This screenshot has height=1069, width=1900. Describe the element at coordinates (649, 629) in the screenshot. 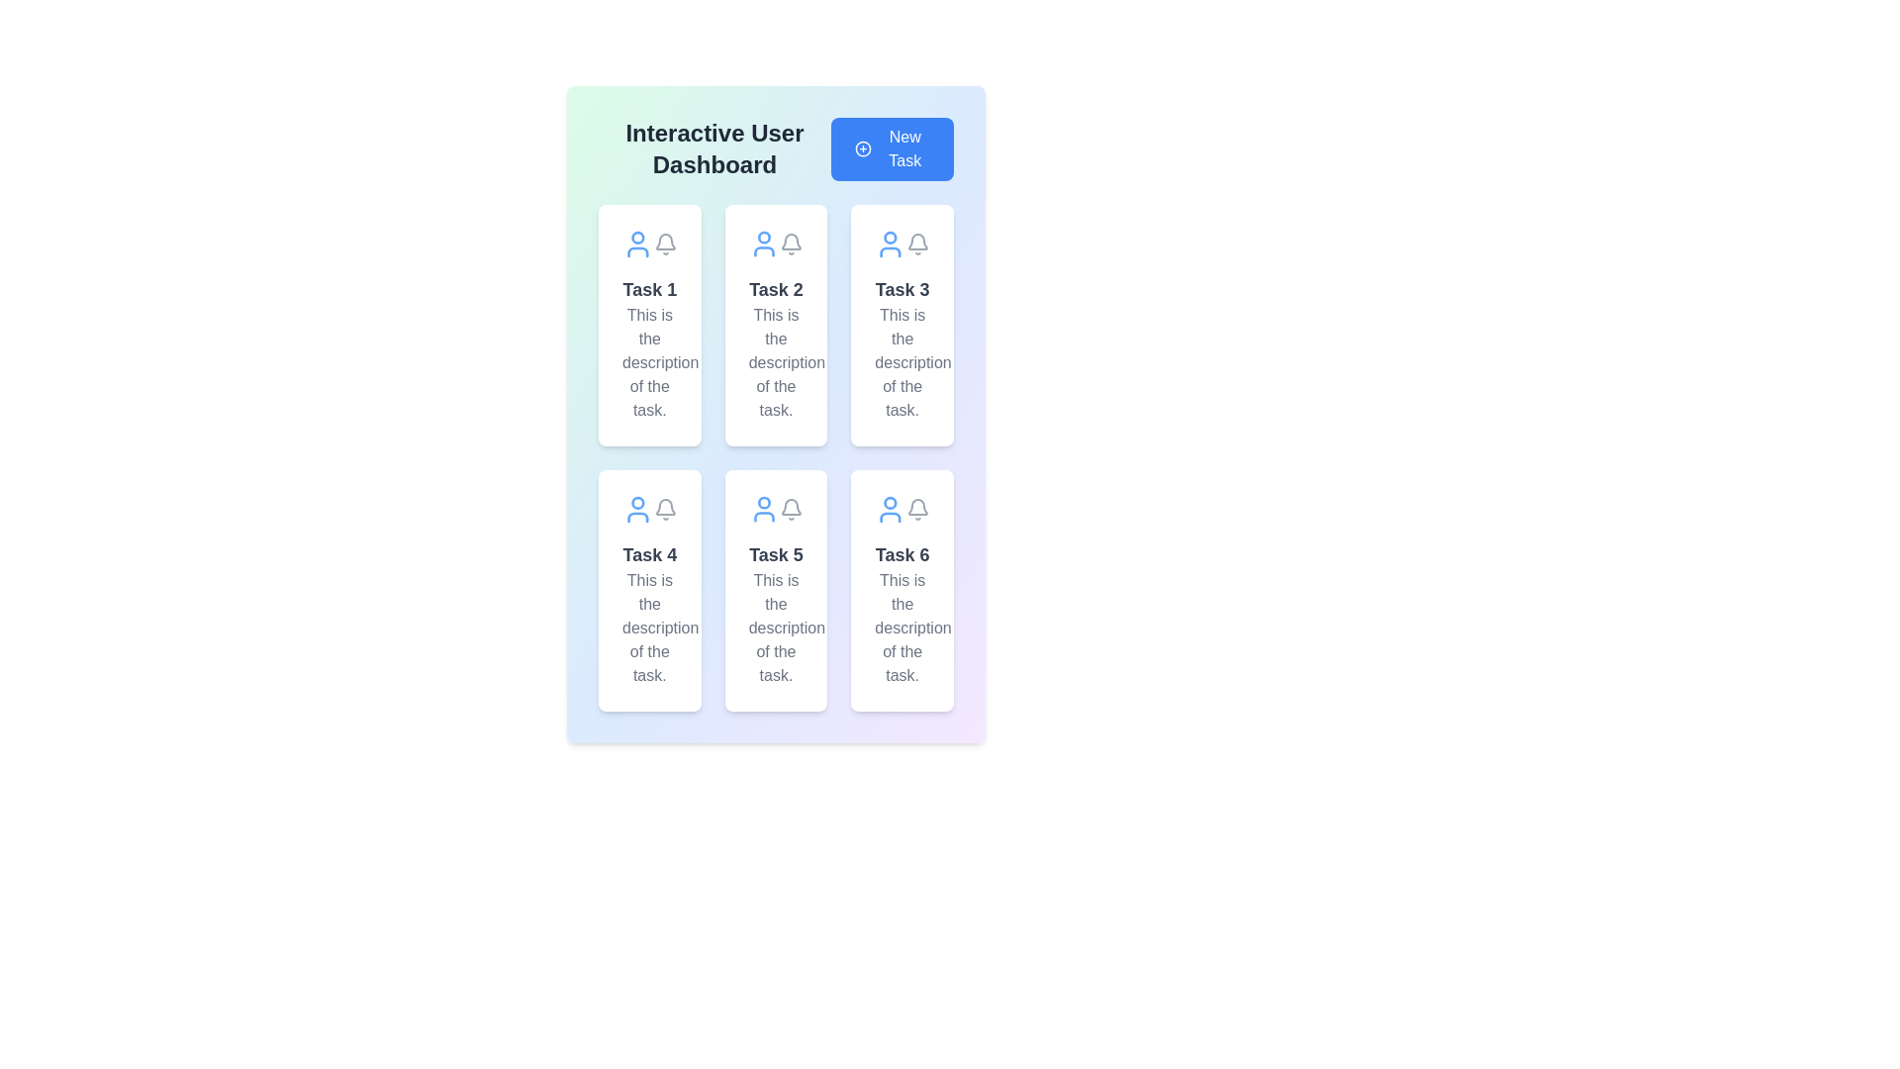

I see `the descriptive text block located under 'Task 4' in the card component of the grid layout` at that location.